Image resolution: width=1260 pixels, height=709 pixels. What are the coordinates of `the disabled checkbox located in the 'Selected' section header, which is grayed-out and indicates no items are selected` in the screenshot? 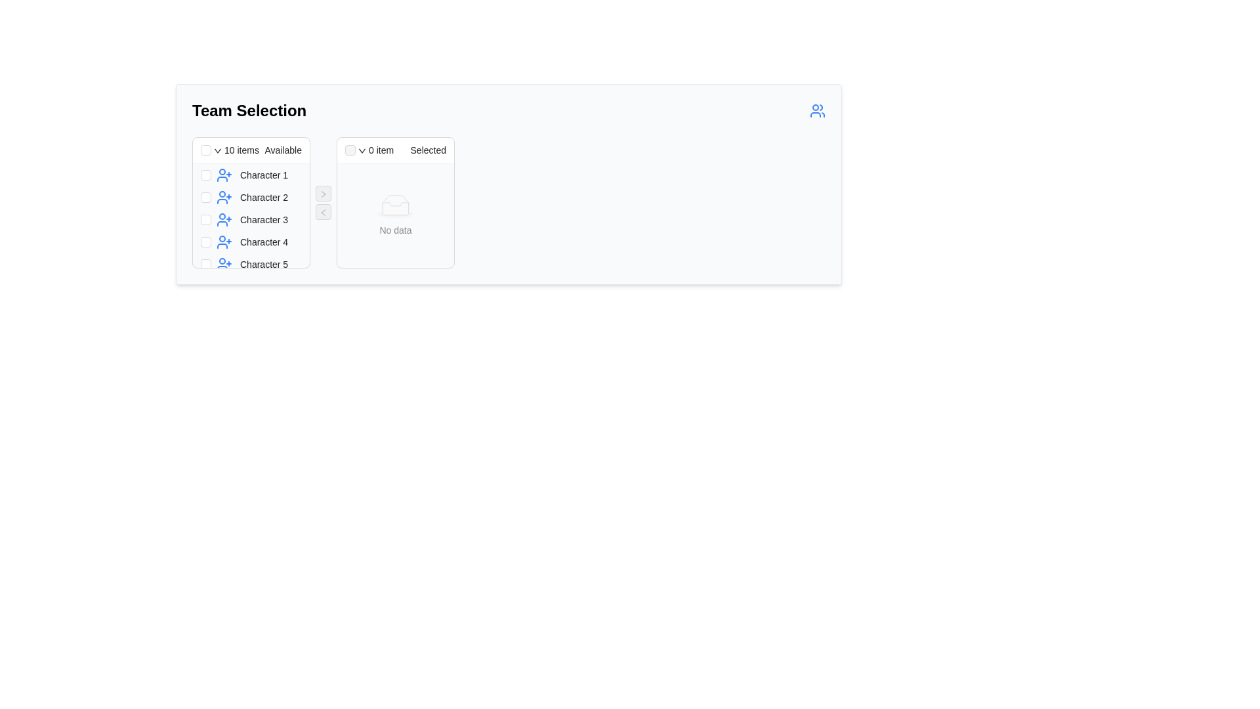 It's located at (350, 149).